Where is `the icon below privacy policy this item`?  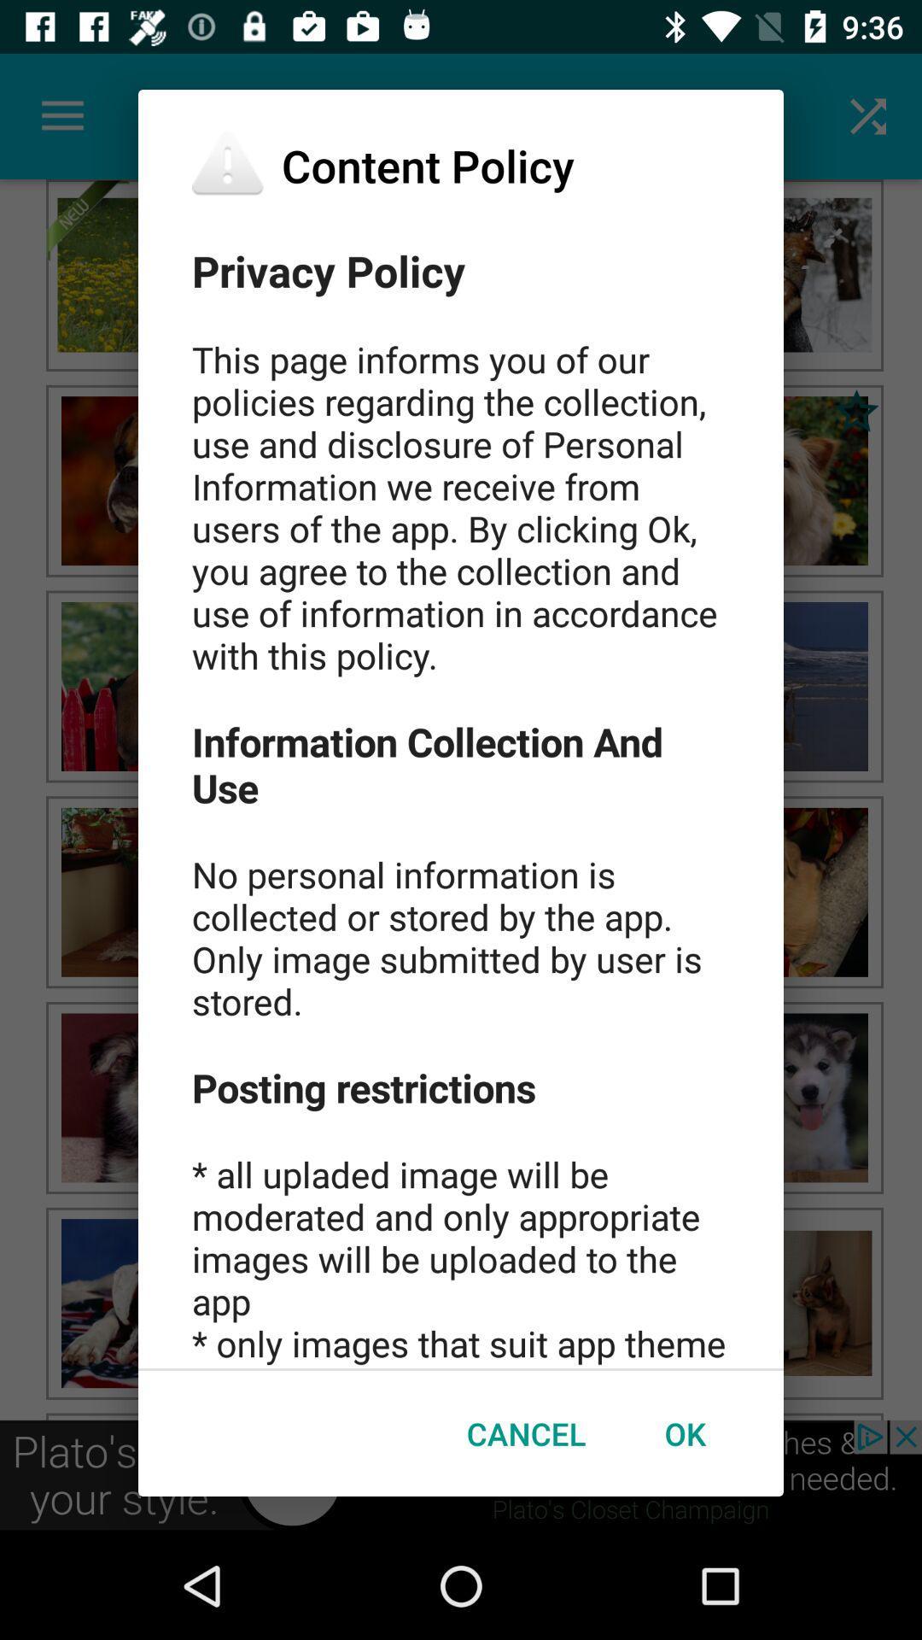 the icon below privacy policy this item is located at coordinates (525, 1433).